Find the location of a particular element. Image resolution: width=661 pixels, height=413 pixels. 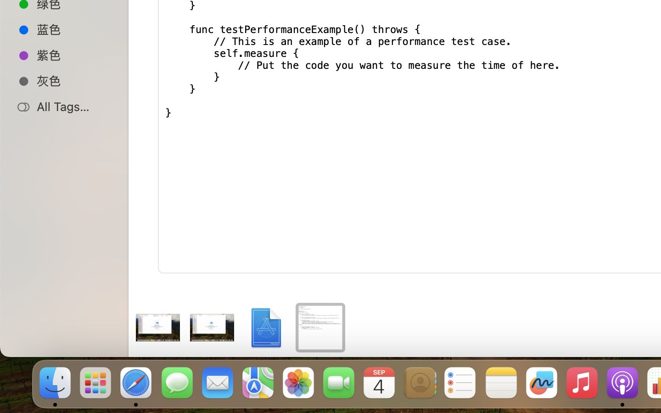

'灰色' is located at coordinates (73, 81).